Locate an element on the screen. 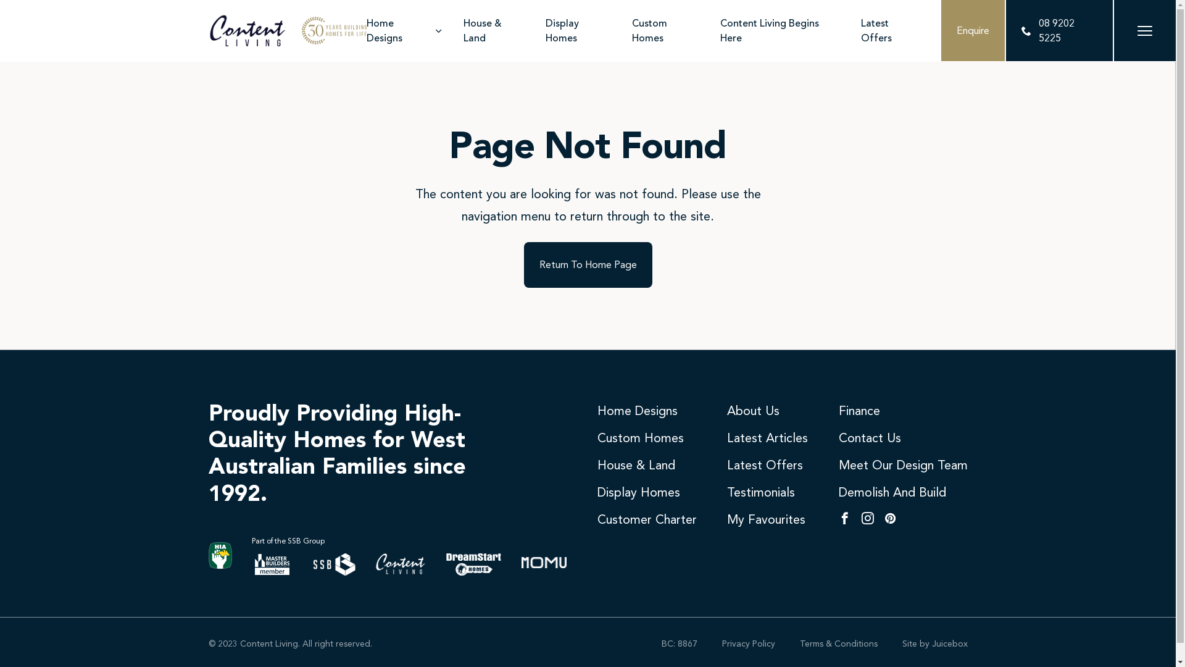  'Pinterest' is located at coordinates (889, 519).